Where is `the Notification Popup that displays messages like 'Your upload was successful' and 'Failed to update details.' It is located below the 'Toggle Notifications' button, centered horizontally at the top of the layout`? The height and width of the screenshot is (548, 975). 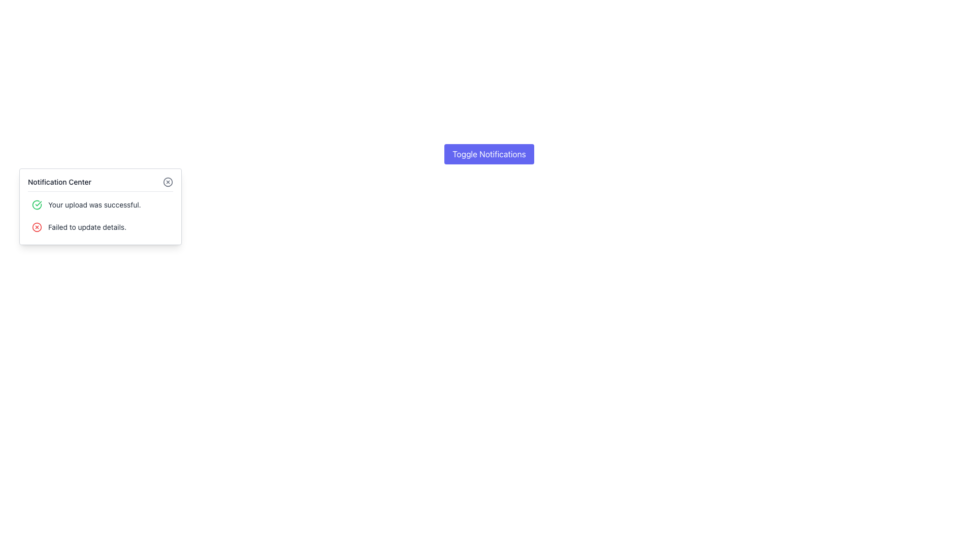 the Notification Popup that displays messages like 'Your upload was successful' and 'Failed to update details.' It is located below the 'Toggle Notifications' button, centered horizontally at the top of the layout is located at coordinates (100, 206).